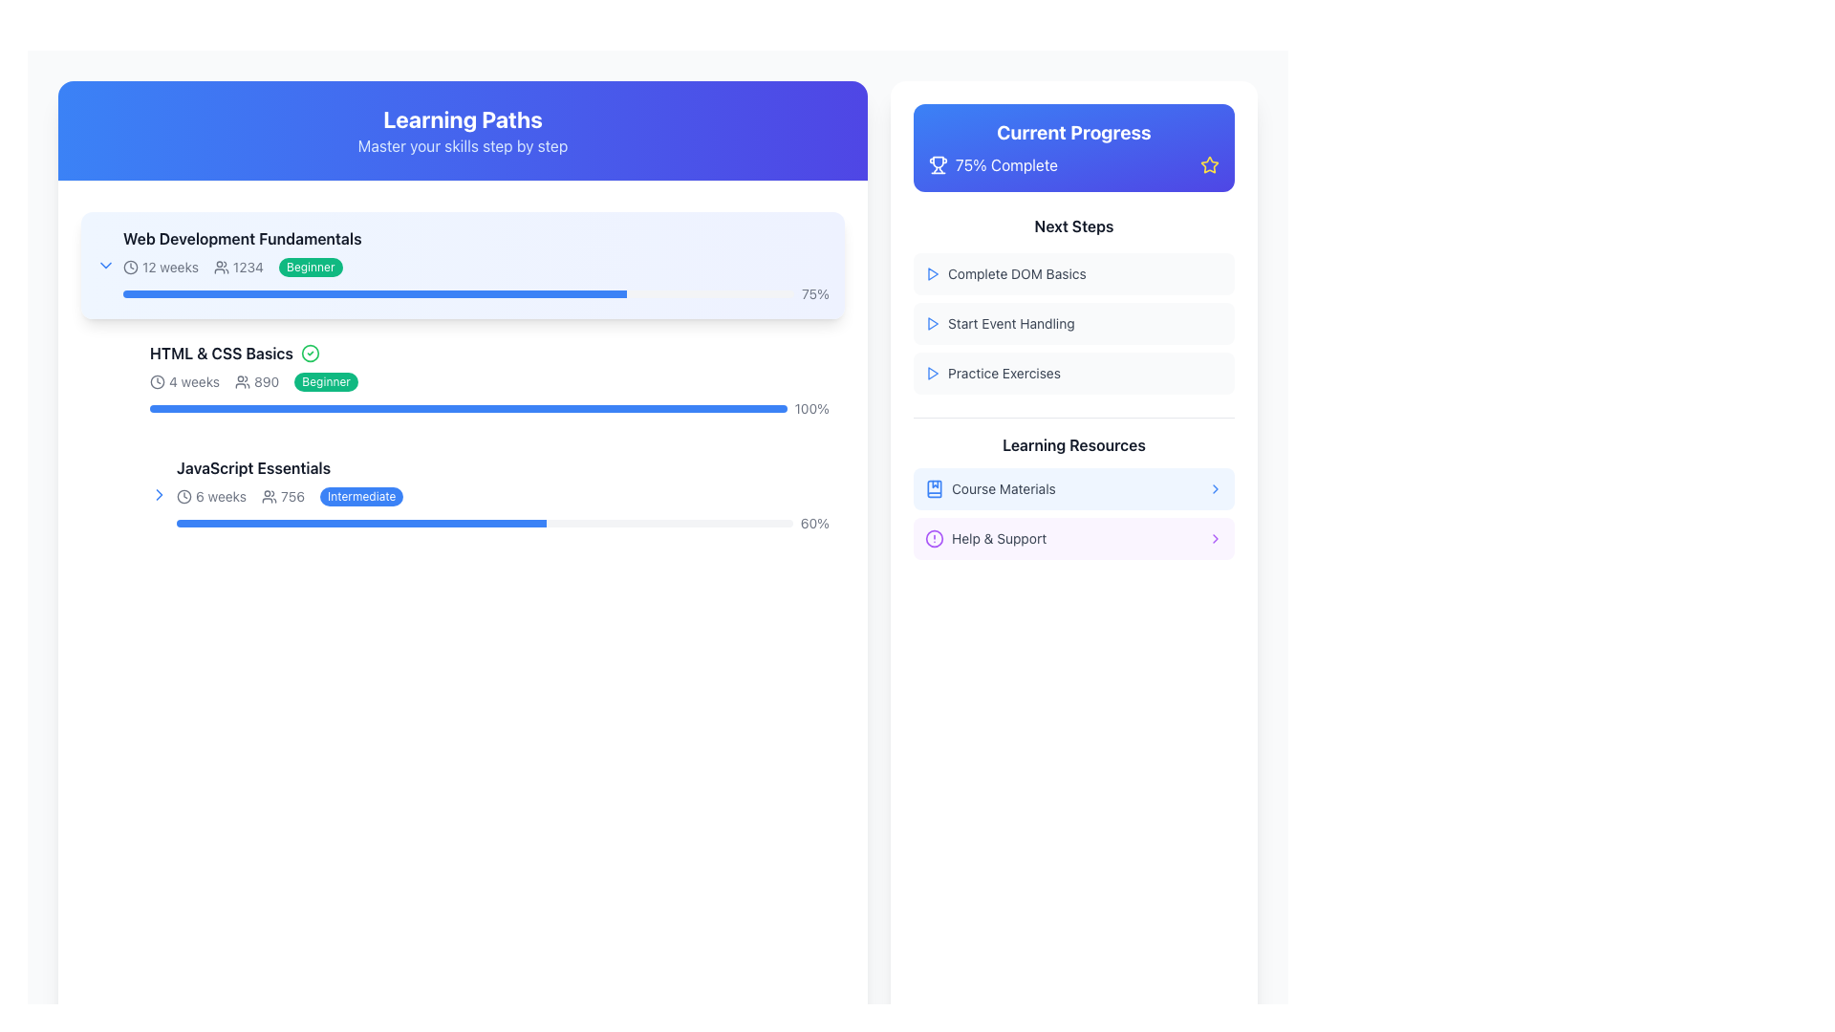  Describe the element at coordinates (1004, 373) in the screenshot. I see `the non-interactive text label indicating the title or description of a task or resource within the 'Next Steps' section, located under the 'Current Progress' card` at that location.